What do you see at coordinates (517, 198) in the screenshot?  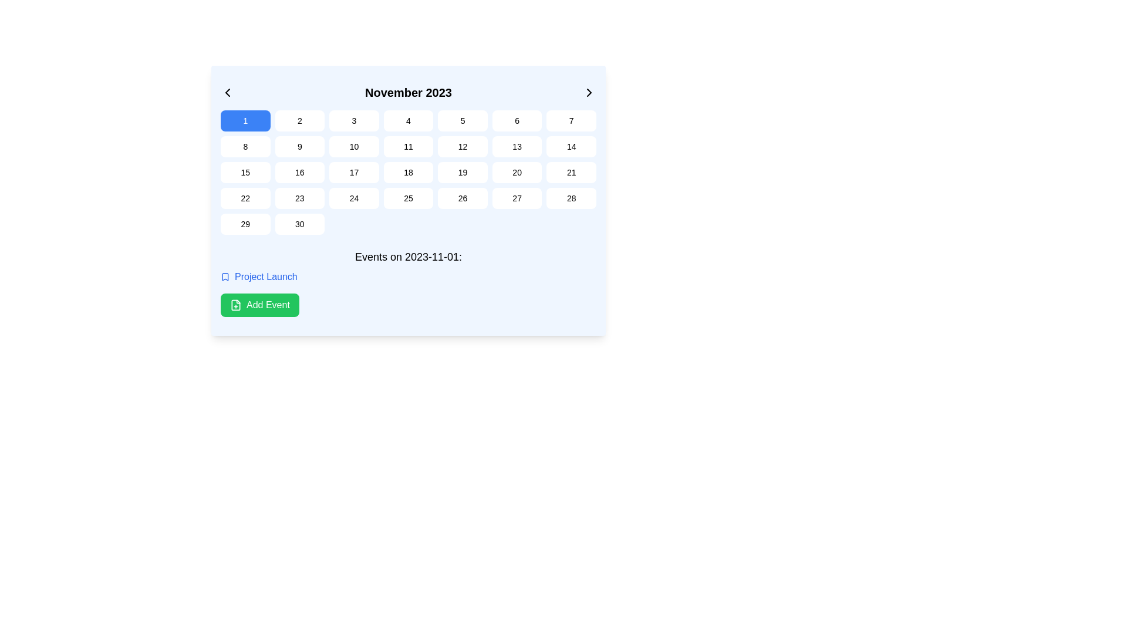 I see `the button representing the date 27 in the November 2023 calendar` at bounding box center [517, 198].